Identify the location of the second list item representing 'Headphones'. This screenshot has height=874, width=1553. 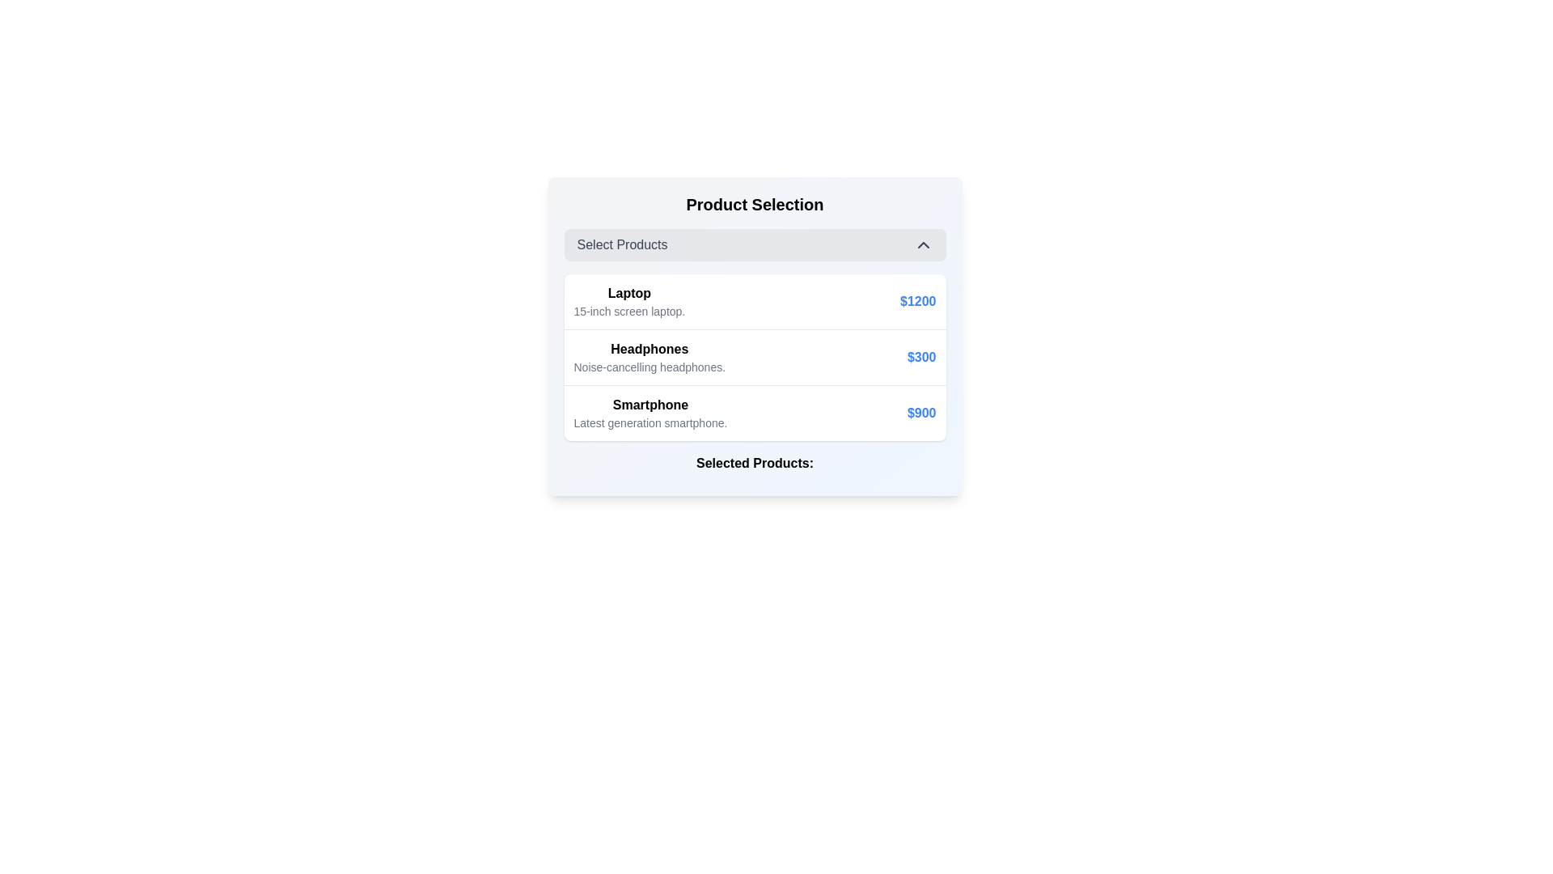
(754, 336).